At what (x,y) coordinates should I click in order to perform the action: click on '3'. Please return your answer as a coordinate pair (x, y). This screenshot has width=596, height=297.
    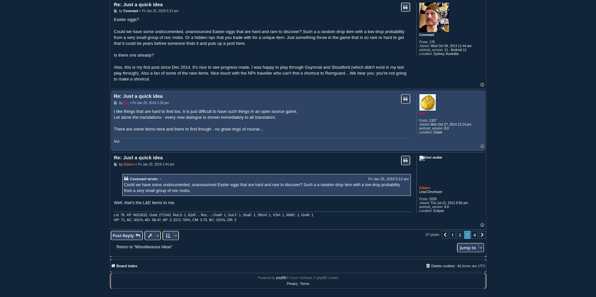
    Looking at the image, I should click on (467, 234).